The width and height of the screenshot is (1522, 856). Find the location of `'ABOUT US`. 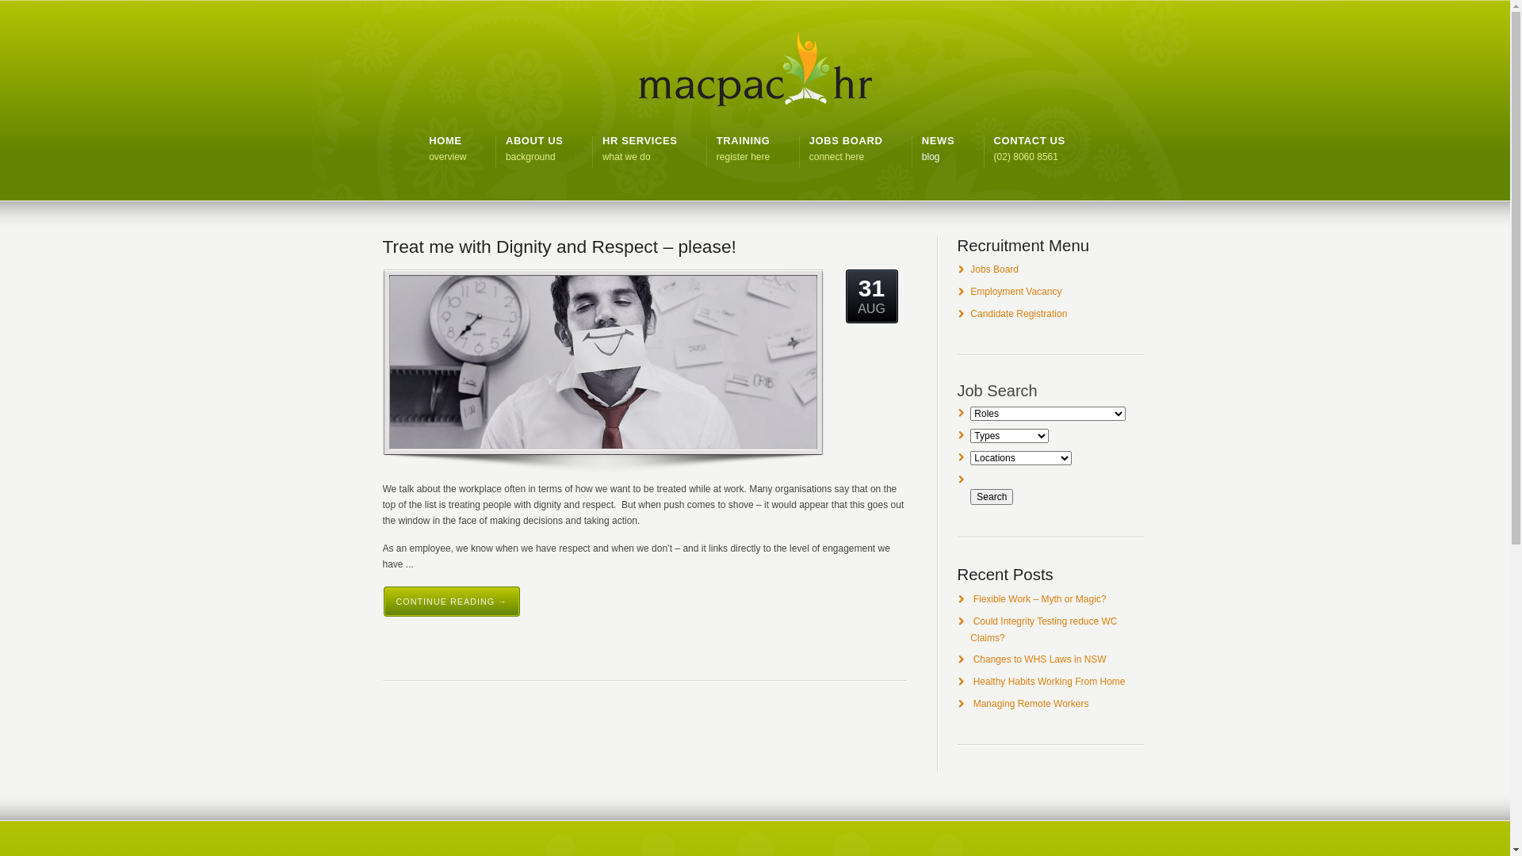

'ABOUT US is located at coordinates (534, 149).